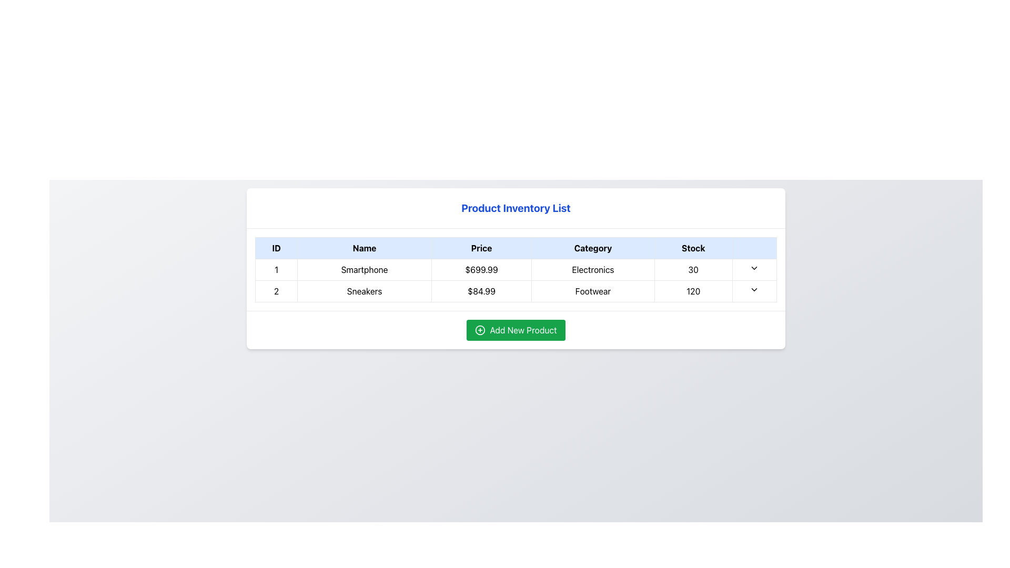  Describe the element at coordinates (593, 248) in the screenshot. I see `text label that serves as the column header for product categories, specifically the fourth entry in the header row labeled 'Category'` at that location.